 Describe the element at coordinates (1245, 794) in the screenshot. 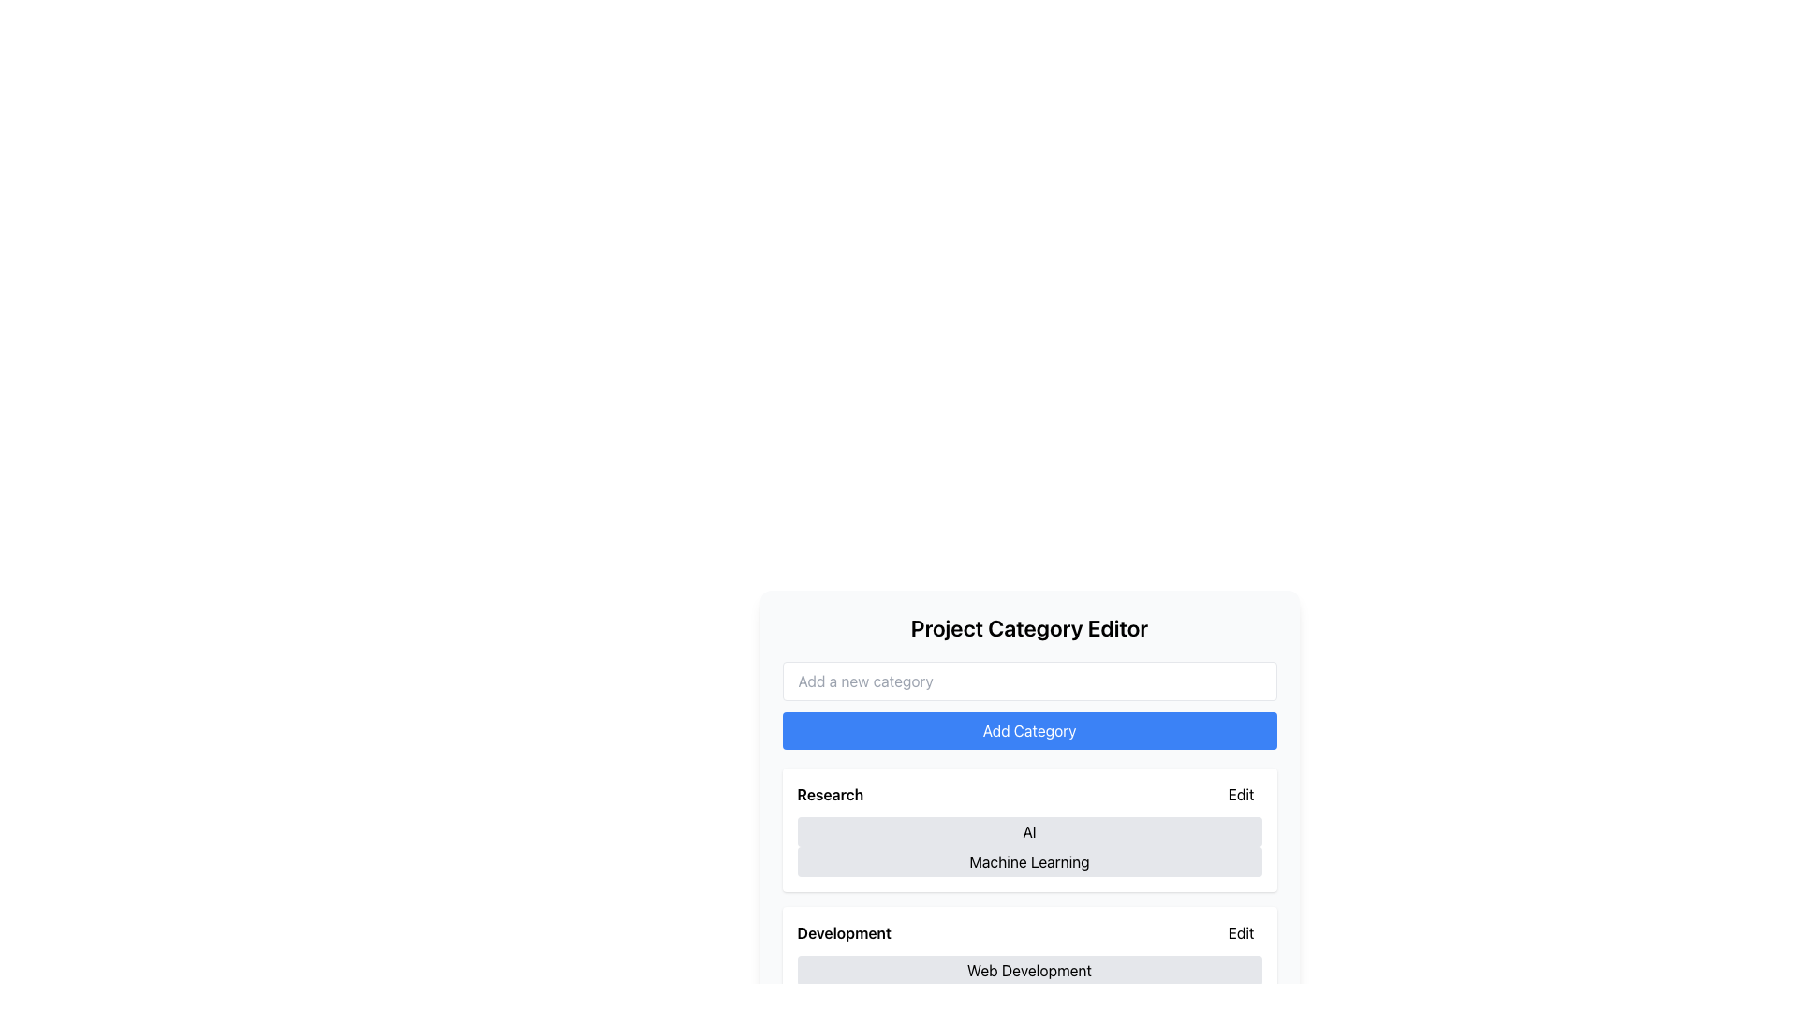

I see `the 'Edit' button located to the right of the 'Research' label` at that location.